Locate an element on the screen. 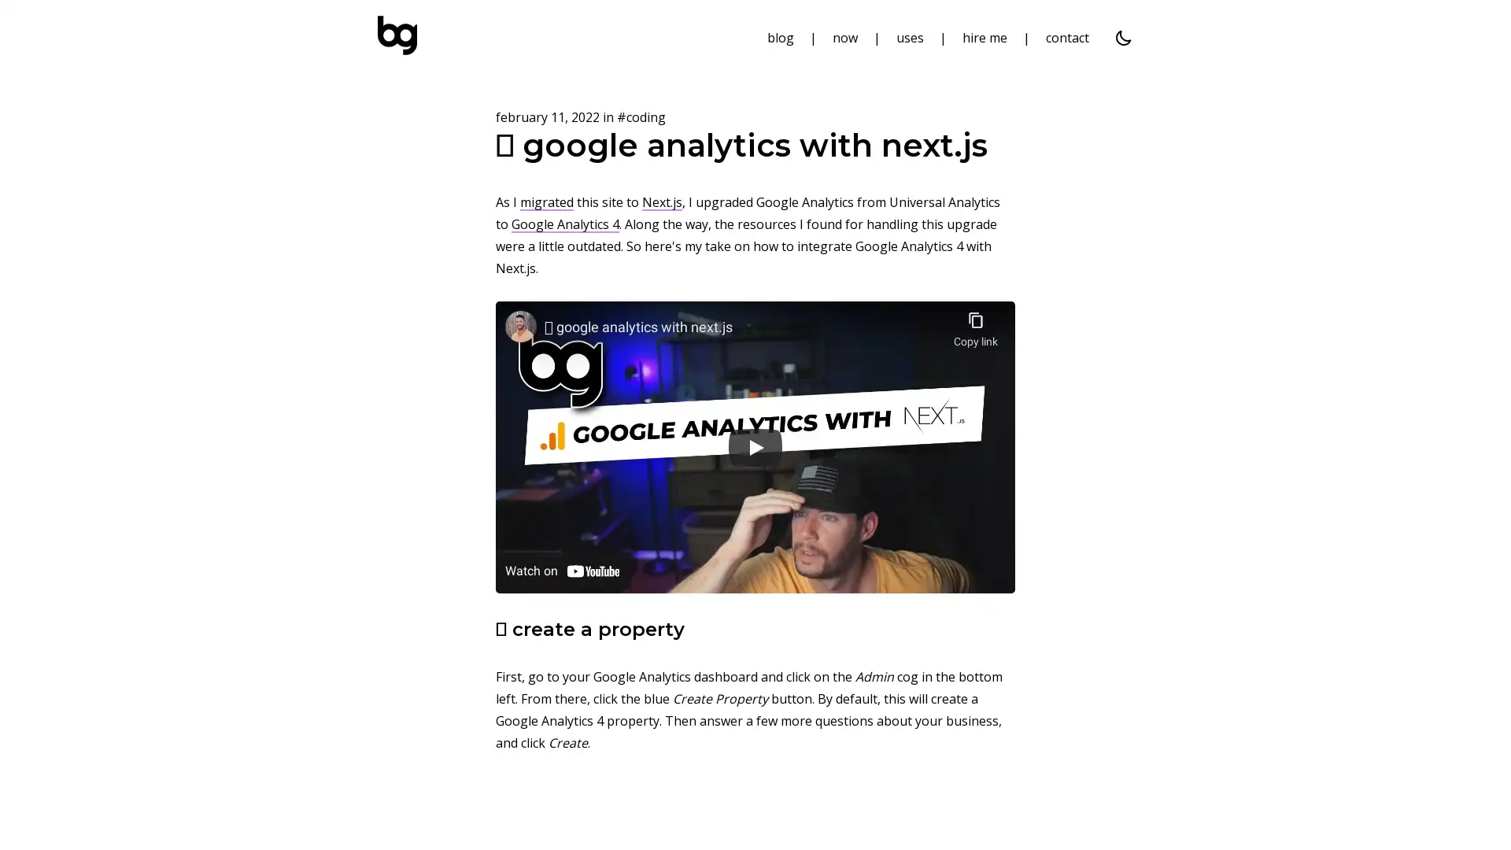 The width and height of the screenshot is (1511, 850). dark is located at coordinates (1123, 35).